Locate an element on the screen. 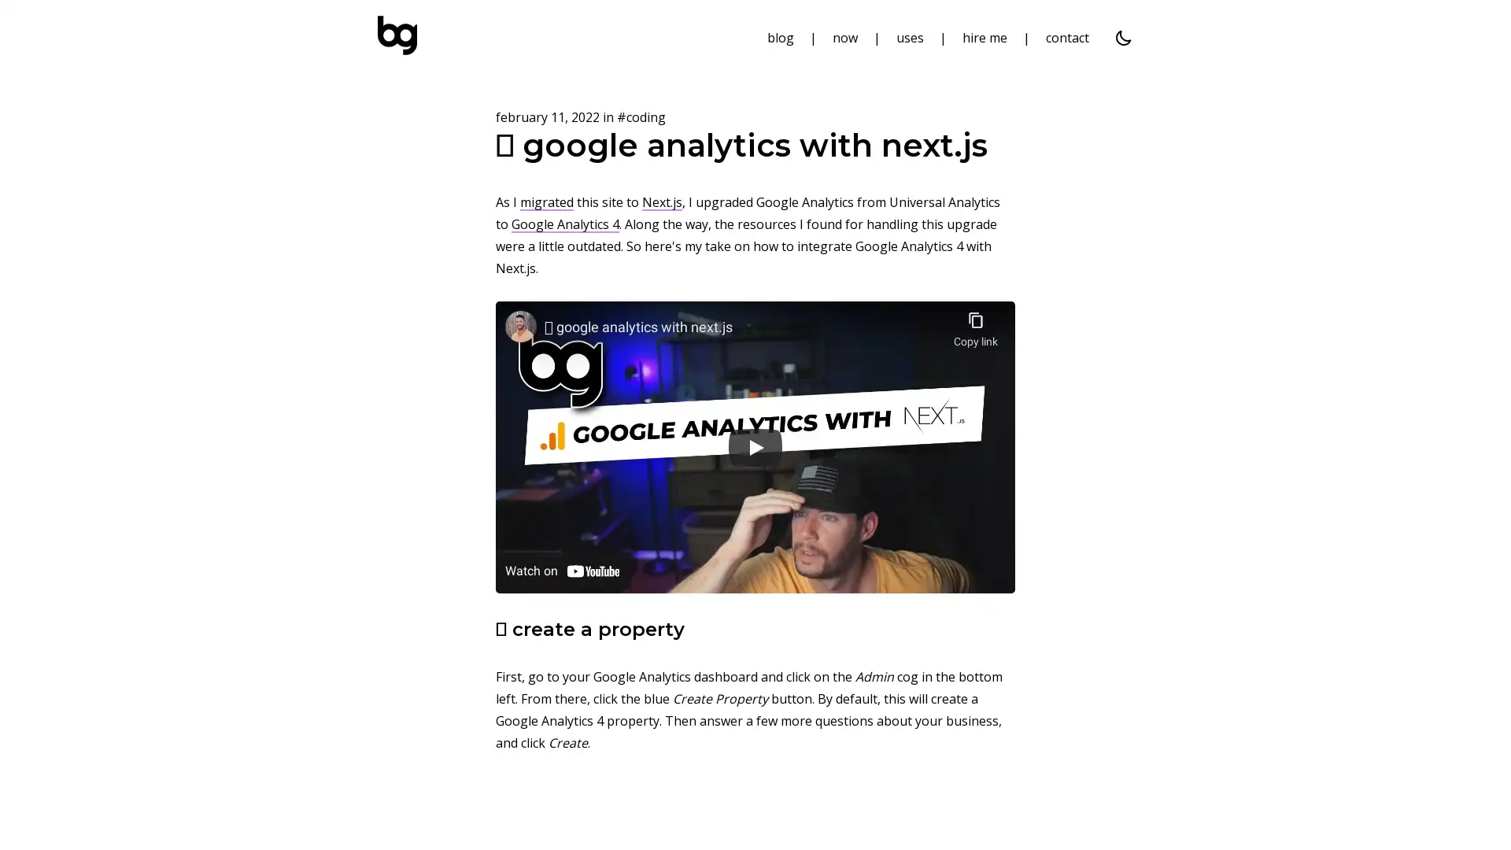 The width and height of the screenshot is (1511, 850). dark is located at coordinates (1123, 35).